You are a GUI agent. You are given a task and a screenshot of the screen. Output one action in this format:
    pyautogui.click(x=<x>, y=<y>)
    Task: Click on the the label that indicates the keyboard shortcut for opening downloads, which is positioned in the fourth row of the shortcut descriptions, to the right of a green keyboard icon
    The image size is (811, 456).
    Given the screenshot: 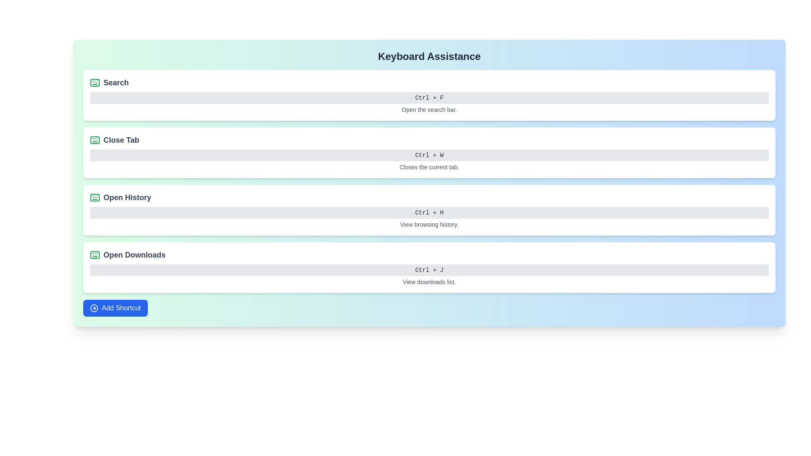 What is the action you would take?
    pyautogui.click(x=134, y=255)
    